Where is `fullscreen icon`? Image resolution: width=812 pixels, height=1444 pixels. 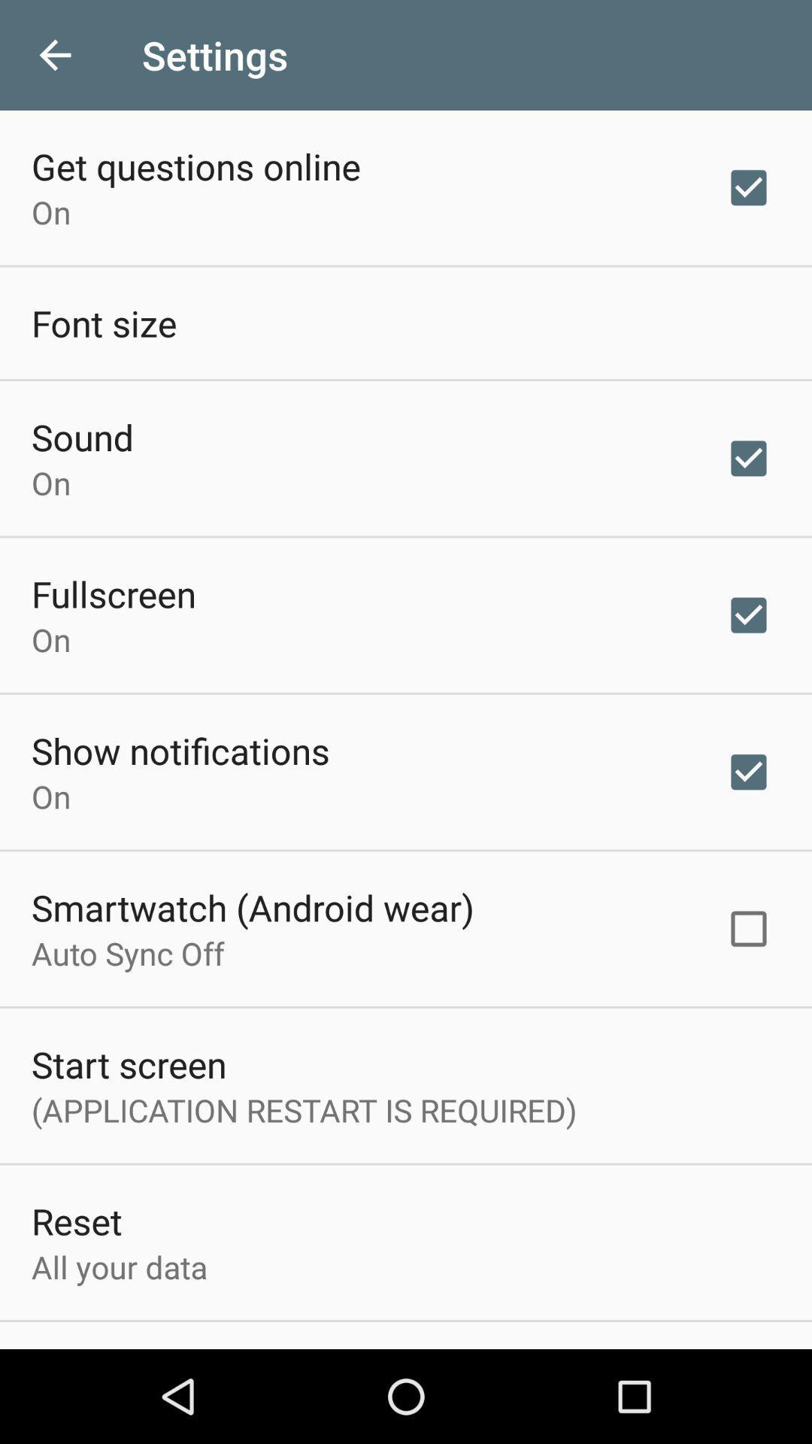
fullscreen icon is located at coordinates (113, 593).